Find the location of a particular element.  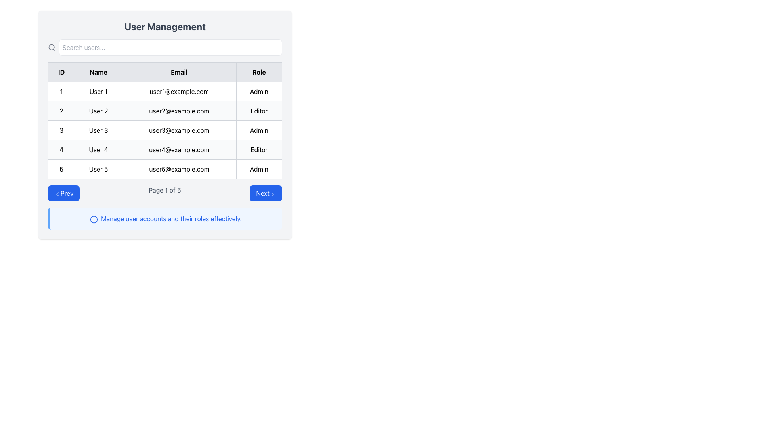

displayed text in the table cell located in the first column of the row labeled 'User 5', which shows the number '5' is located at coordinates (61, 169).